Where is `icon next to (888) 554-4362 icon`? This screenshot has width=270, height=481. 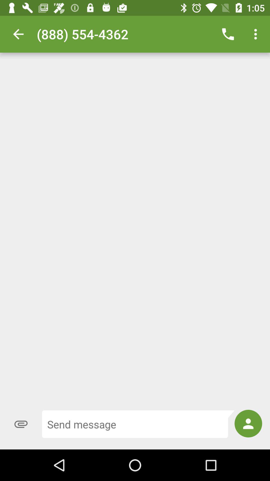 icon next to (888) 554-4362 icon is located at coordinates (228, 34).